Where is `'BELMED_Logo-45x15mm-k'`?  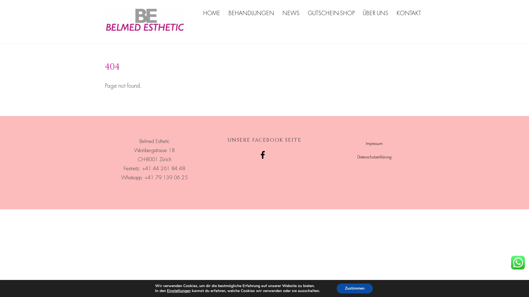
'BELMED_Logo-45x15mm-k' is located at coordinates (145, 20).